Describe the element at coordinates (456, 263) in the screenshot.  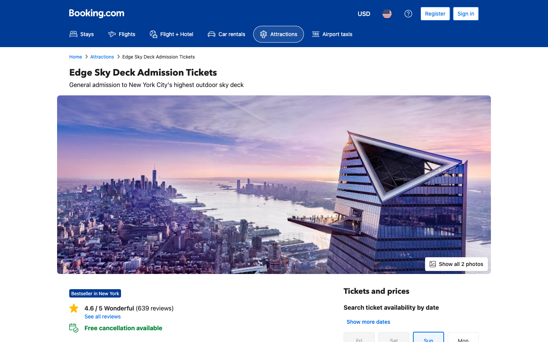
I see `the Picture Archive` at that location.